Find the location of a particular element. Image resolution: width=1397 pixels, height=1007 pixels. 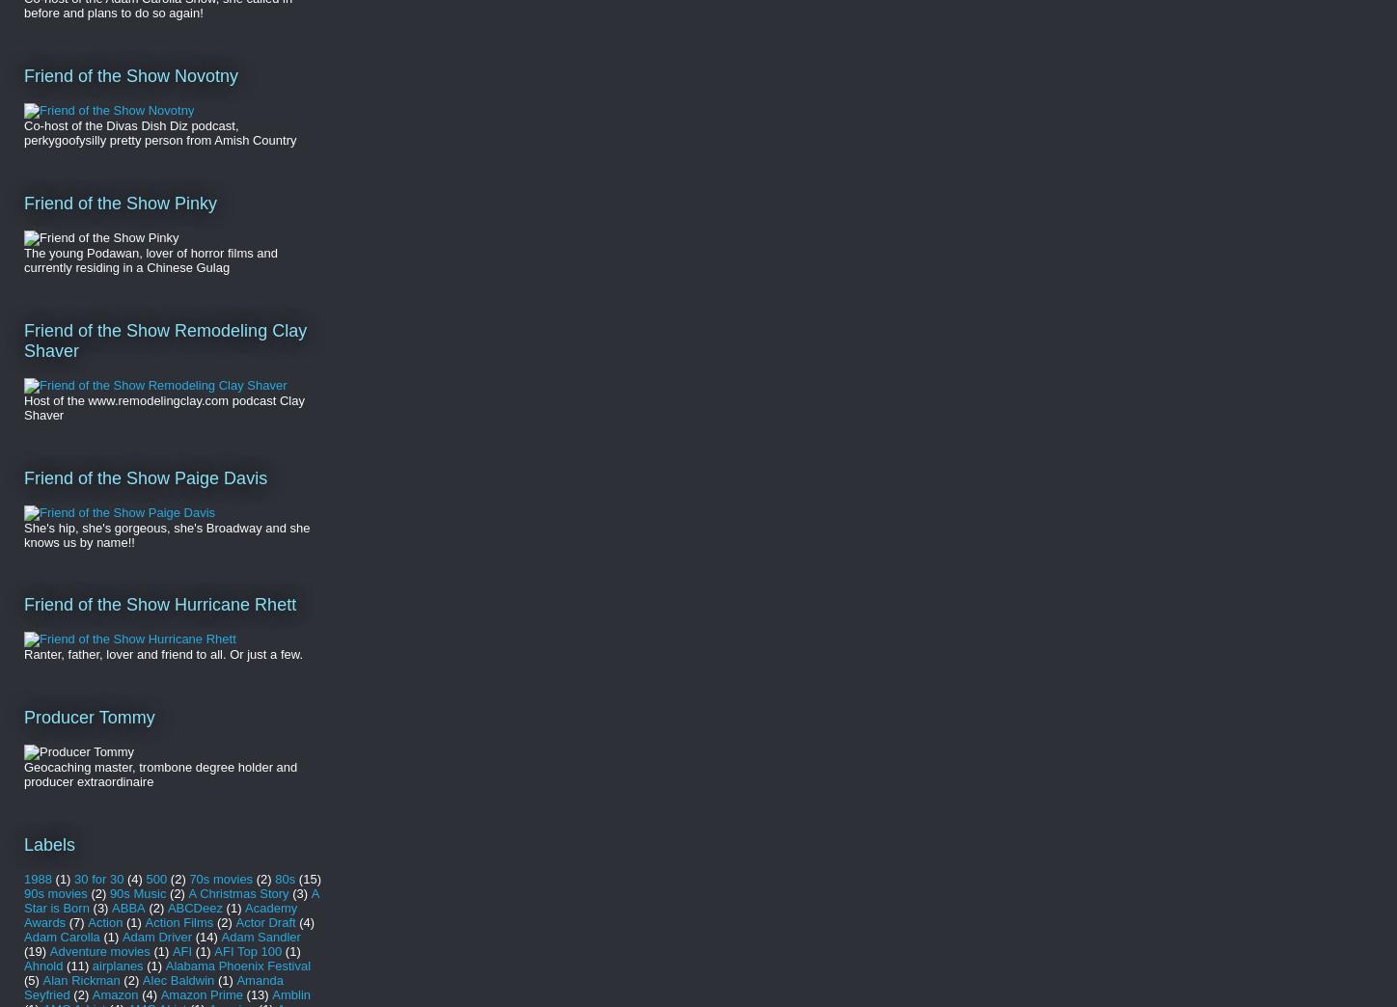

'Adventure movies' is located at coordinates (97, 950).